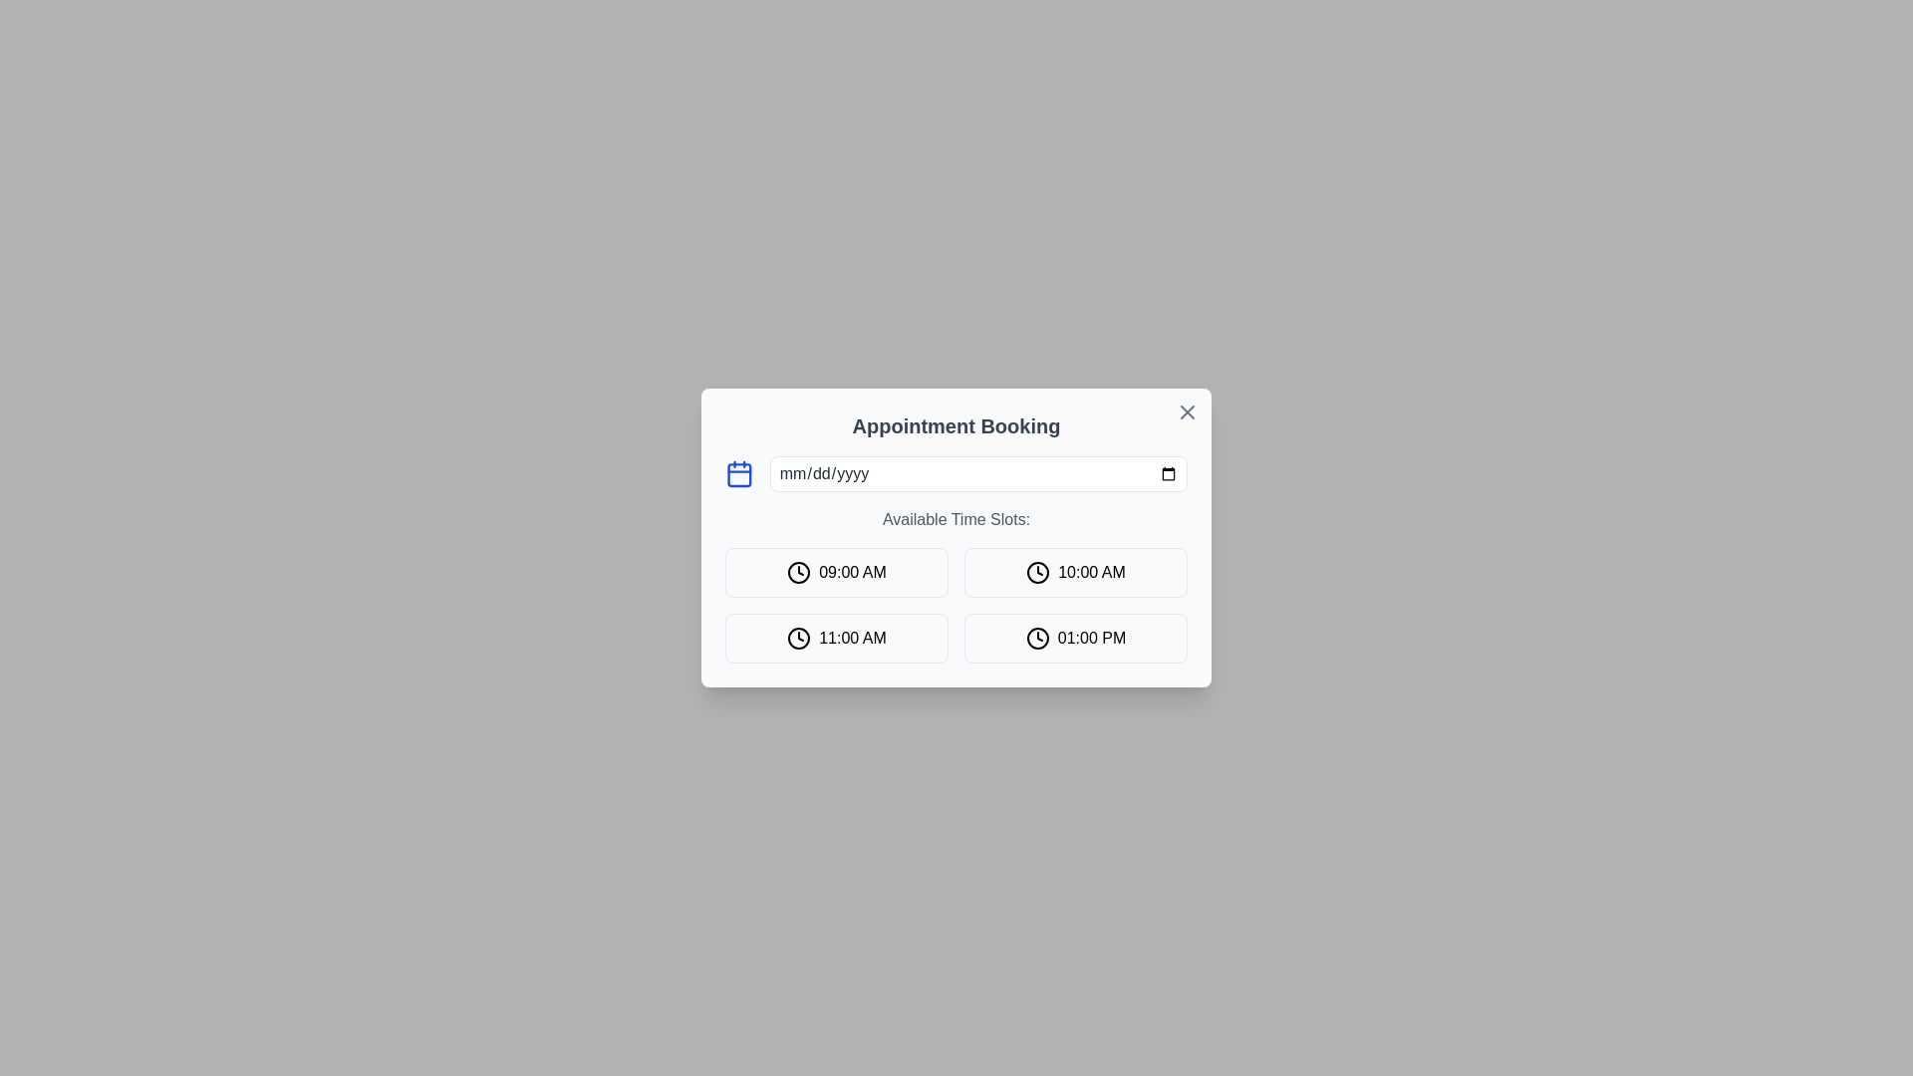 This screenshot has height=1076, width=1913. What do you see at coordinates (738, 475) in the screenshot?
I see `the rectangular calendar icon element with rounded corners located at the top-left of the Appointment Booking interface, which is aligned with the date input field and above the time slots section` at bounding box center [738, 475].